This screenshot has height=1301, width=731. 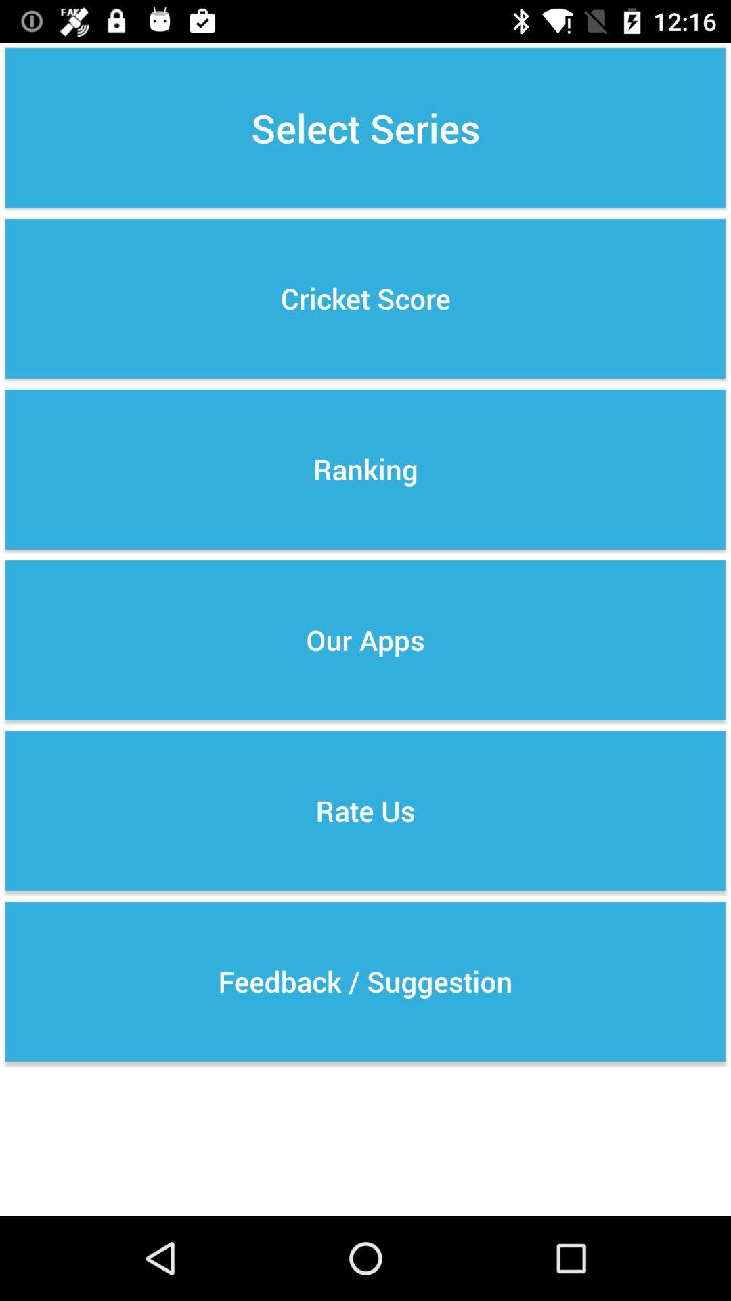 I want to click on the icon below ranking item, so click(x=365, y=640).